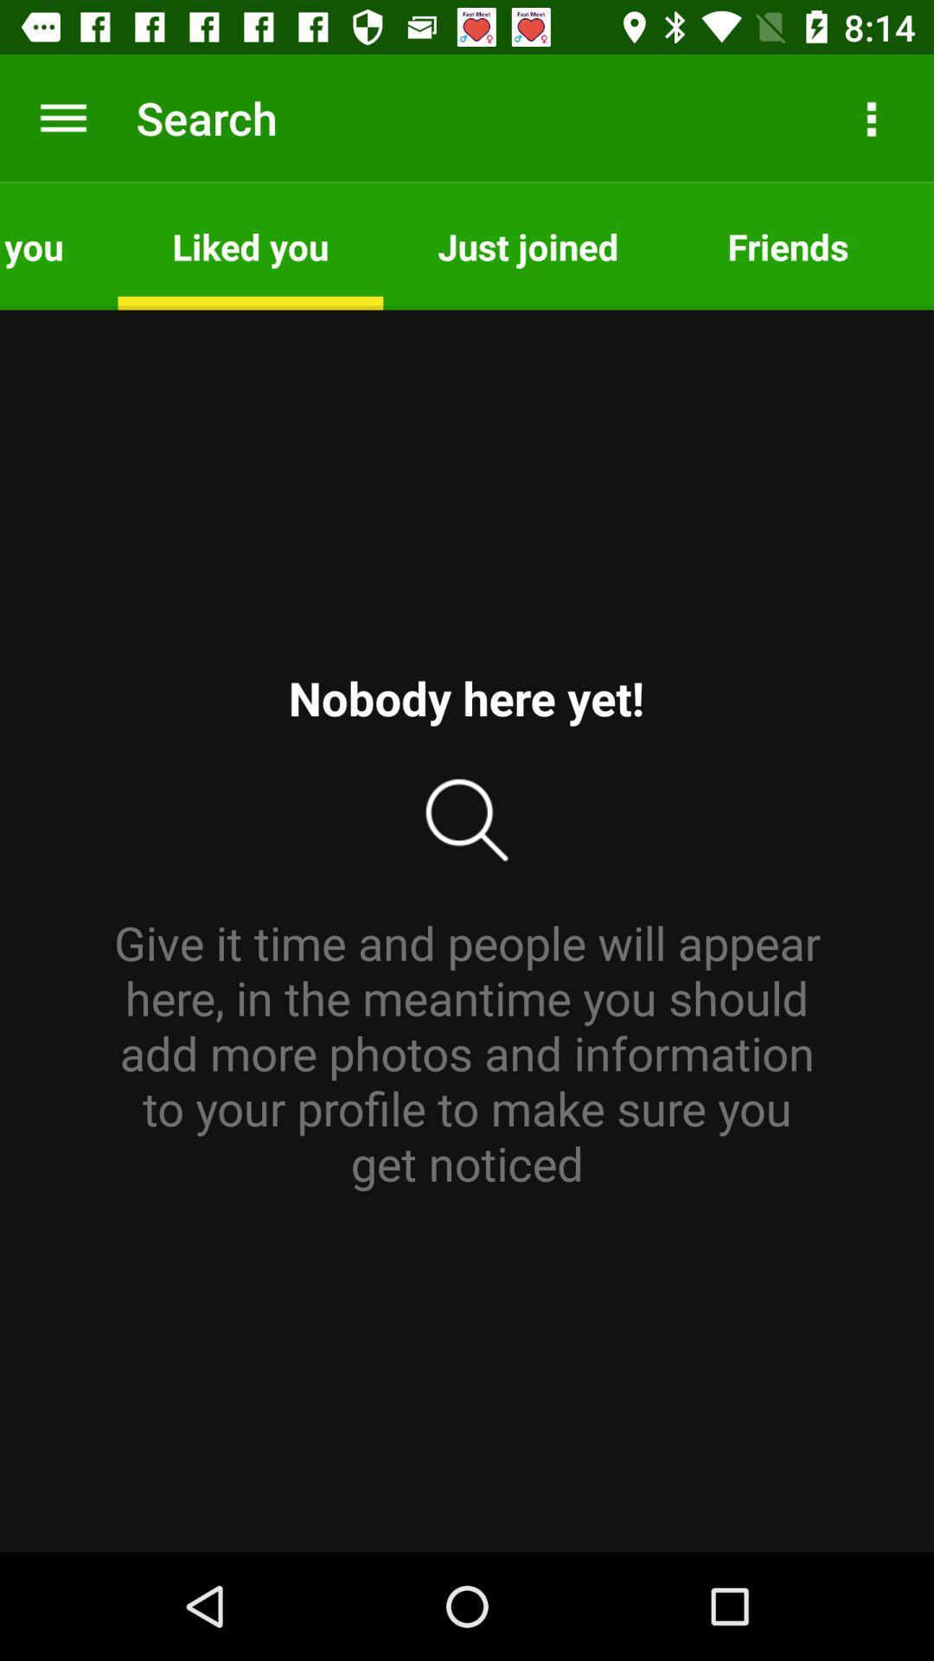 This screenshot has width=934, height=1661. What do you see at coordinates (58, 245) in the screenshot?
I see `visited you item` at bounding box center [58, 245].